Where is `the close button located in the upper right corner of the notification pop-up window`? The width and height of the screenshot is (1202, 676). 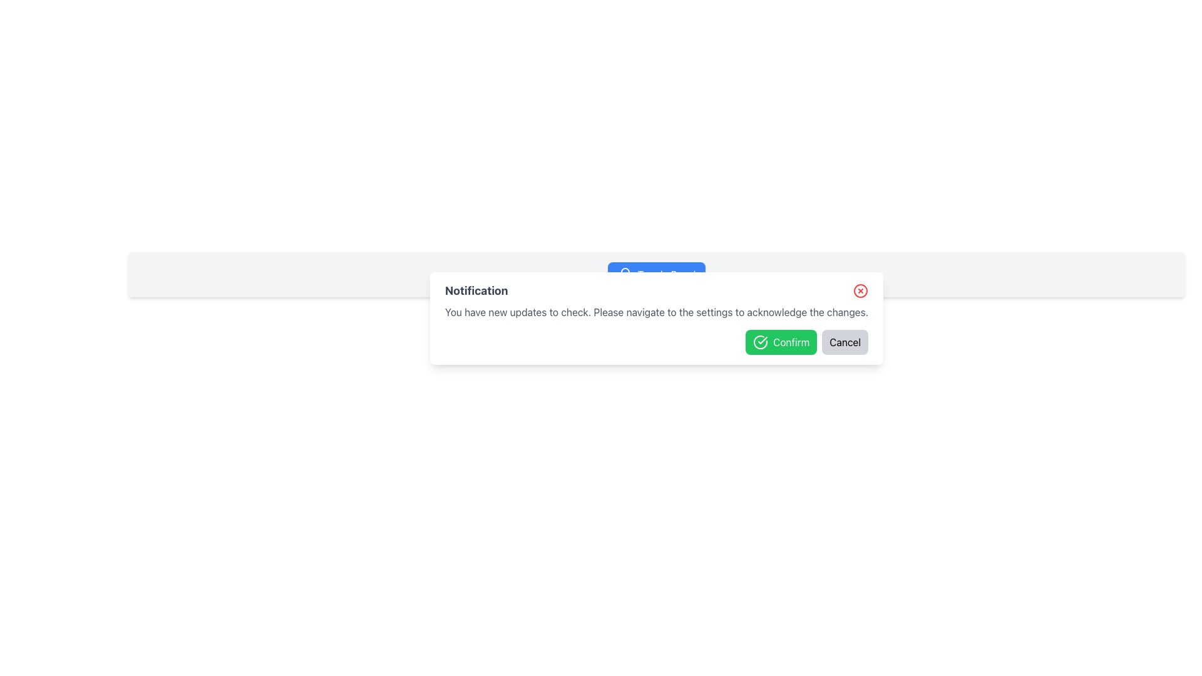
the close button located in the upper right corner of the notification pop-up window is located at coordinates (860, 291).